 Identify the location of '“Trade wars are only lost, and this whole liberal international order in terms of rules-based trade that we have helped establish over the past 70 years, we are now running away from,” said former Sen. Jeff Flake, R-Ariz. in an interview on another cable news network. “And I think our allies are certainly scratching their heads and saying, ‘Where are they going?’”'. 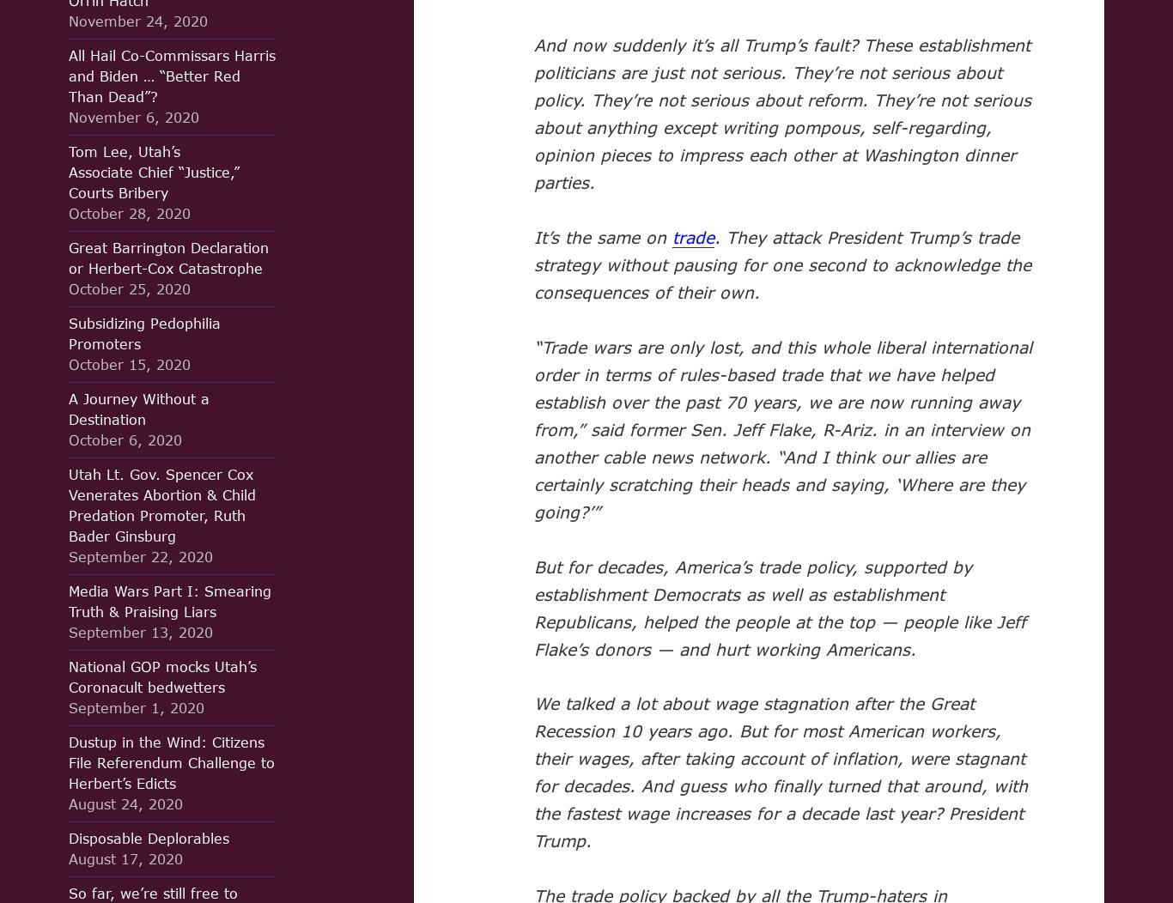
(782, 427).